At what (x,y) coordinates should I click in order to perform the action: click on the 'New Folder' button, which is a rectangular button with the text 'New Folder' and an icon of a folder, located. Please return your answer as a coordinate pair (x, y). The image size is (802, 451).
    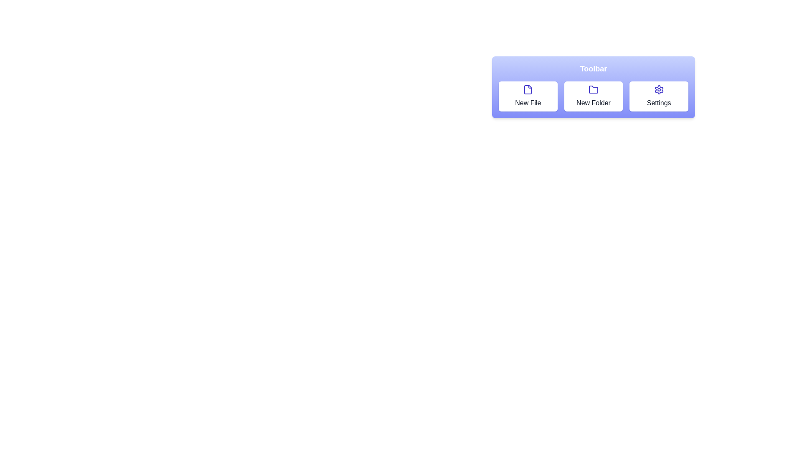
    Looking at the image, I should click on (593, 96).